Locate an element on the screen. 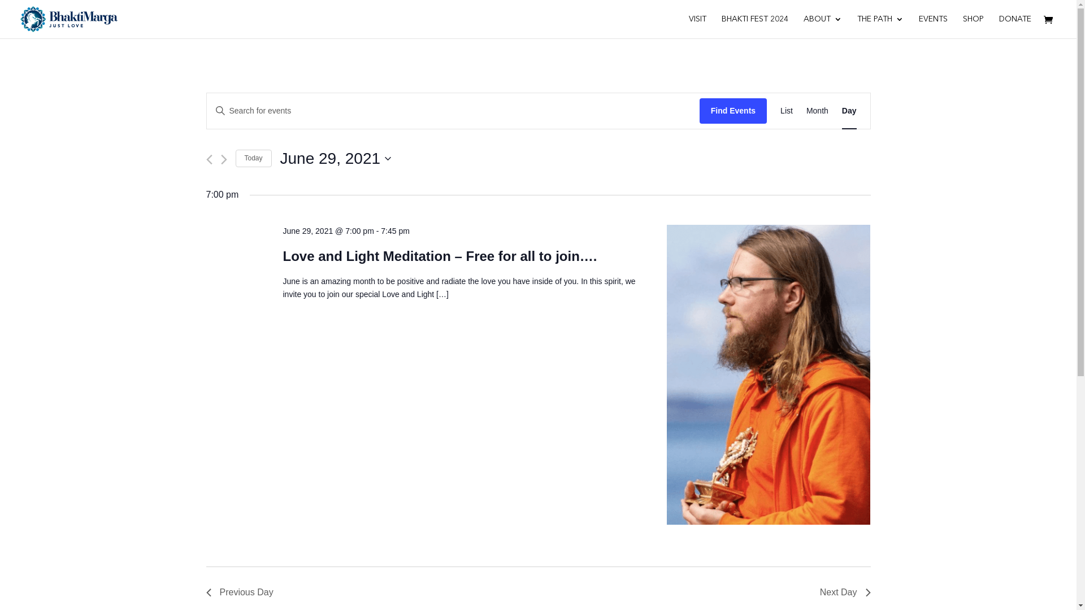 This screenshot has width=1085, height=610. 'SHOP' is located at coordinates (973, 26).